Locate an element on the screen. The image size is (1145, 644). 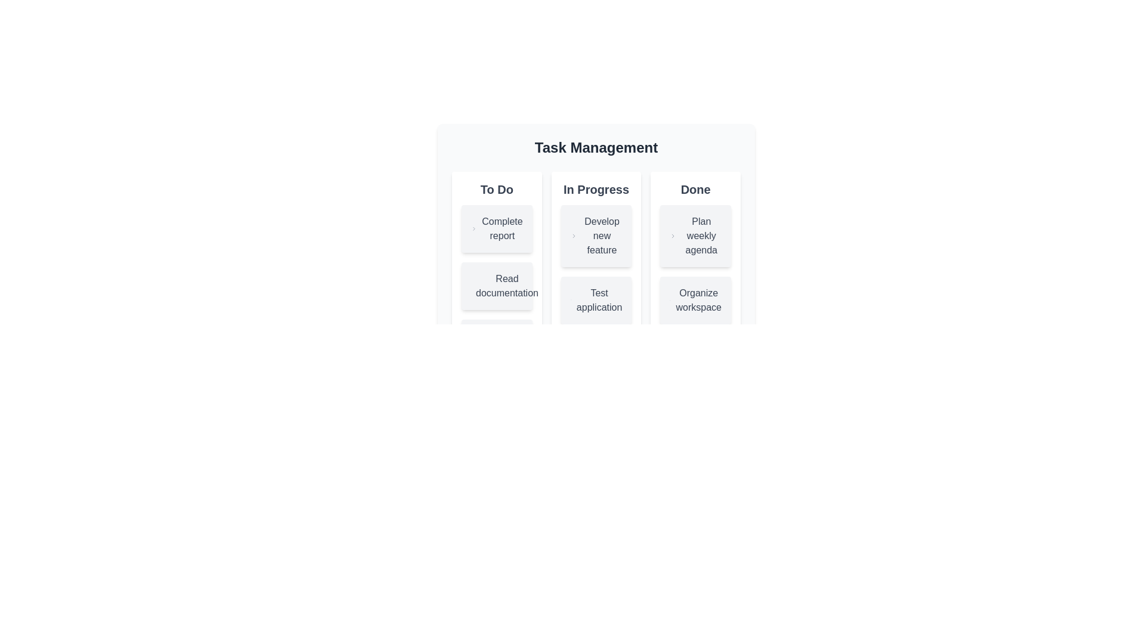
the 'Test application' task card is located at coordinates (596, 293).